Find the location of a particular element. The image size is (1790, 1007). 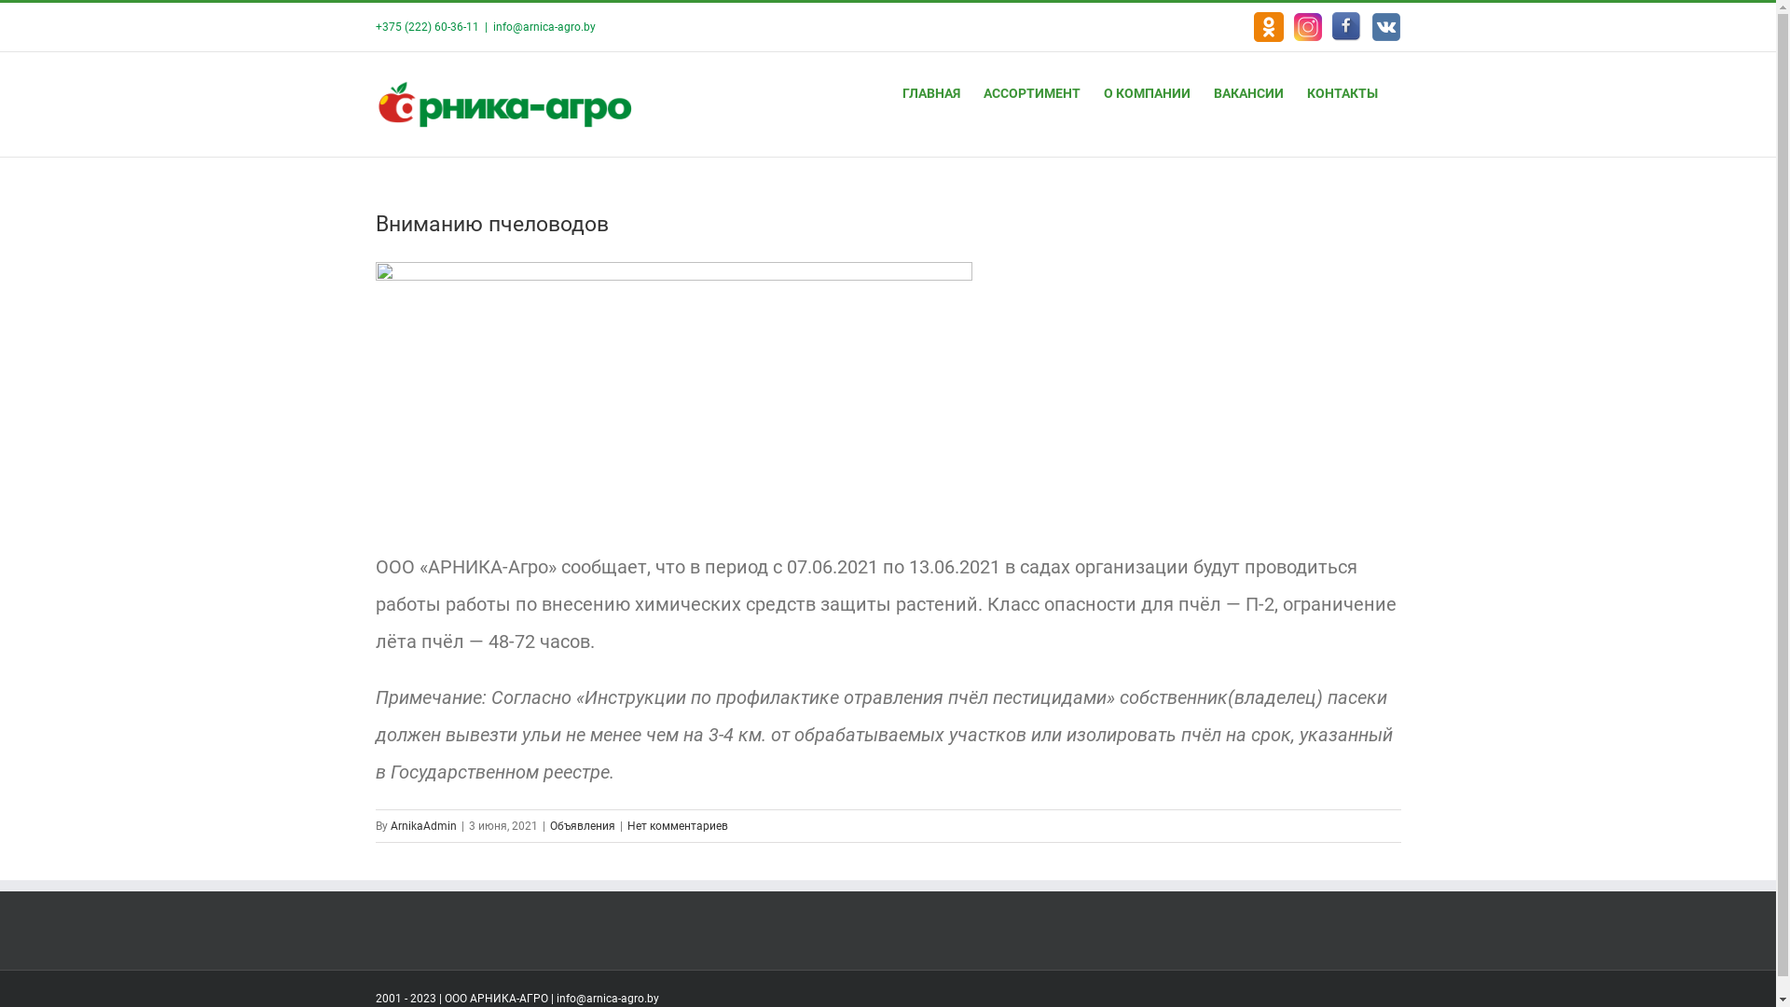

'VK' is located at coordinates (1385, 27).